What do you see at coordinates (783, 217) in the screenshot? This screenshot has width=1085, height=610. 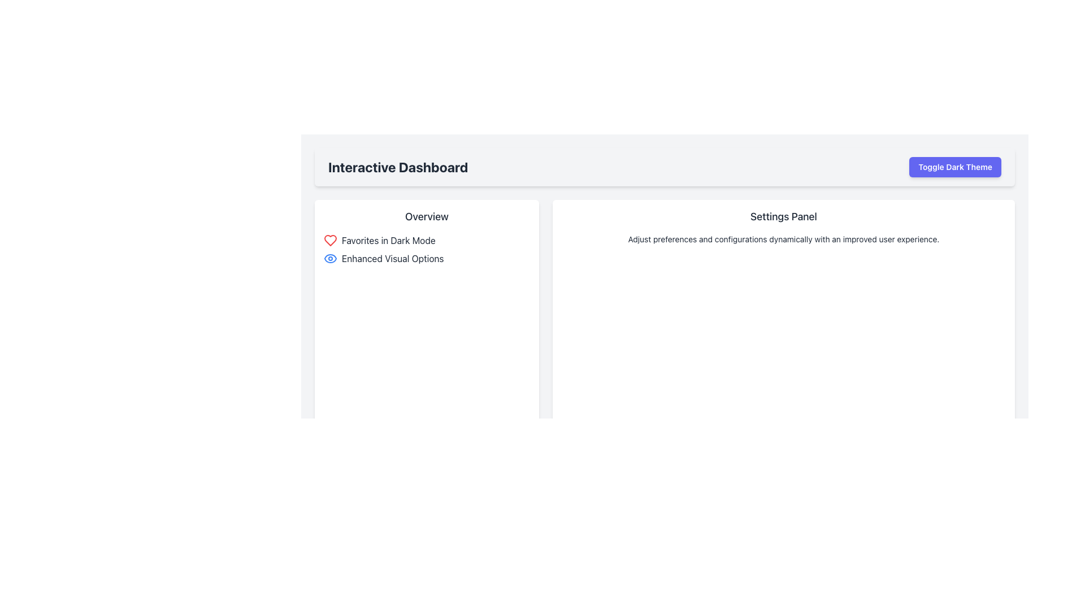 I see `the Header or Label element located at the top-center of the right-hand section, which indicates the purpose of the content below` at bounding box center [783, 217].